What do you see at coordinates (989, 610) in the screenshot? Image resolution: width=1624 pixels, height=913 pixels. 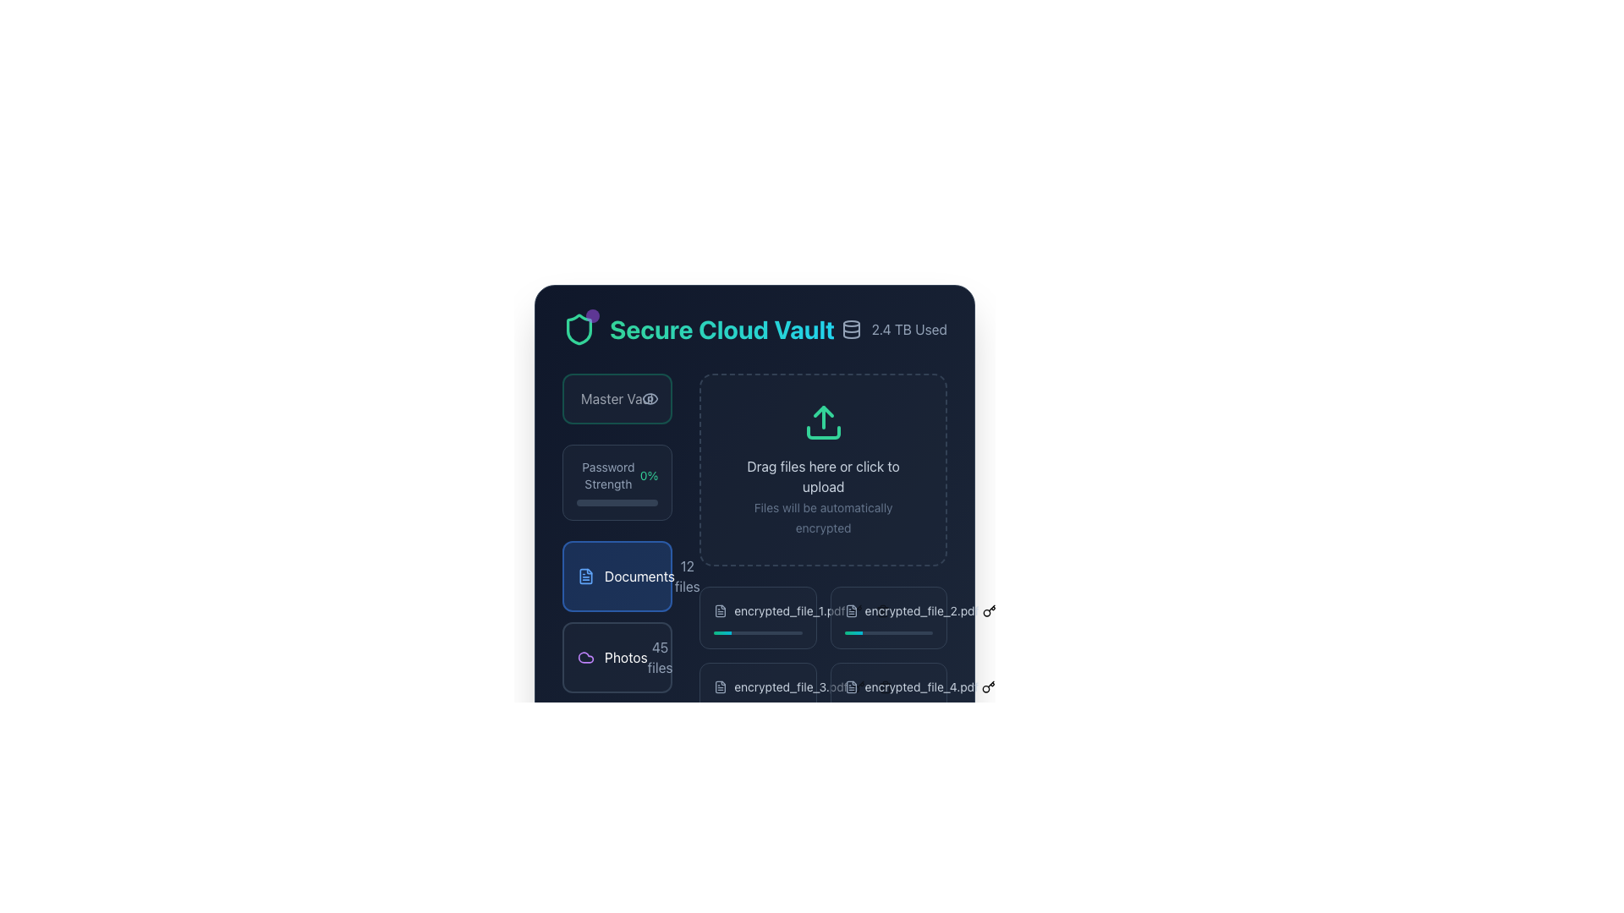 I see `the icon representing key-based encryption located in the bottom-right section of the interface, next to the file name and progress bar` at bounding box center [989, 610].